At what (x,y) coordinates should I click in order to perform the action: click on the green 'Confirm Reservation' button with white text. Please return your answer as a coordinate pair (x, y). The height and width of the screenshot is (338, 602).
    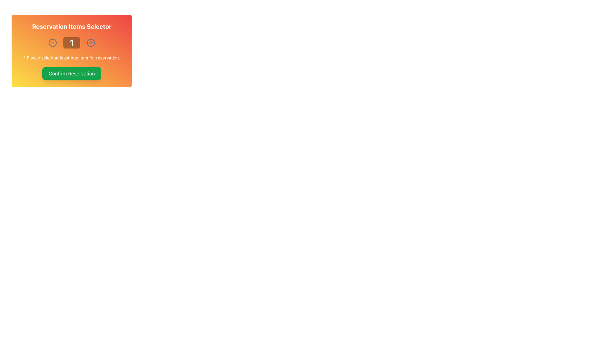
    Looking at the image, I should click on (72, 73).